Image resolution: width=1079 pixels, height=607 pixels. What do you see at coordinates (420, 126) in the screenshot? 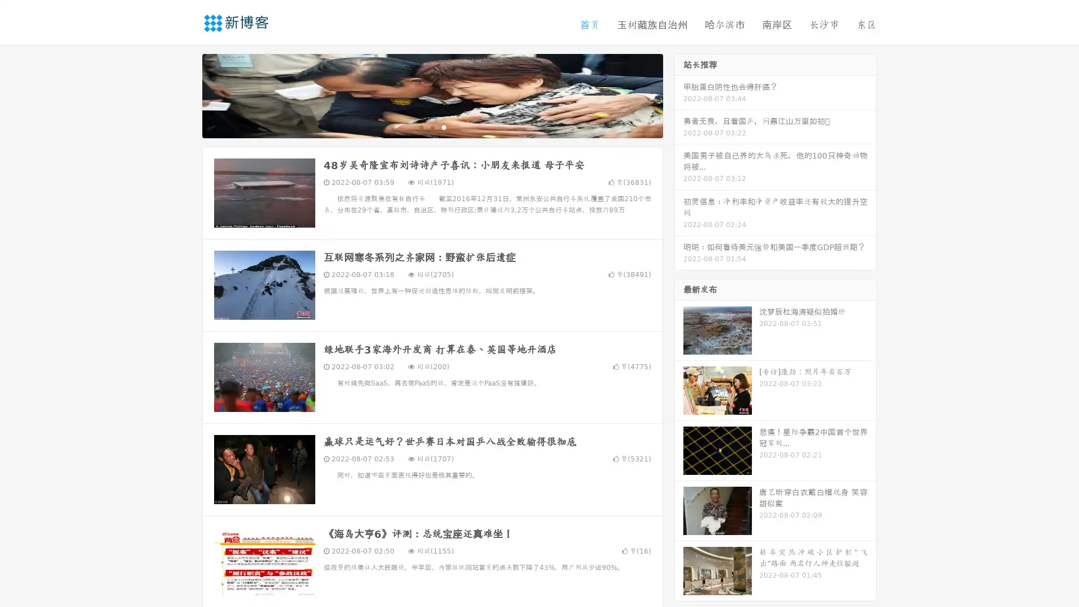
I see `Go to slide 1` at bounding box center [420, 126].